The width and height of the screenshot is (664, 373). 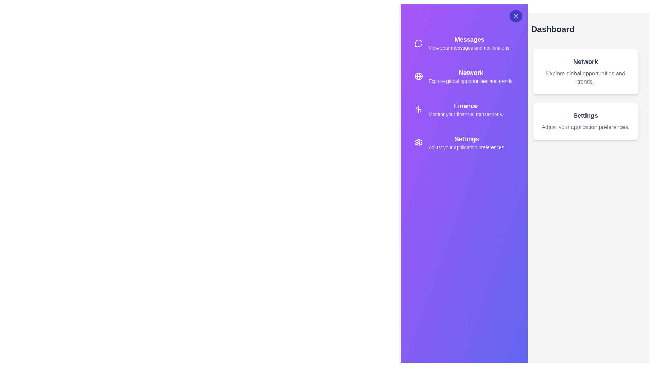 What do you see at coordinates (464, 43) in the screenshot?
I see `the sidebar option Messages` at bounding box center [464, 43].